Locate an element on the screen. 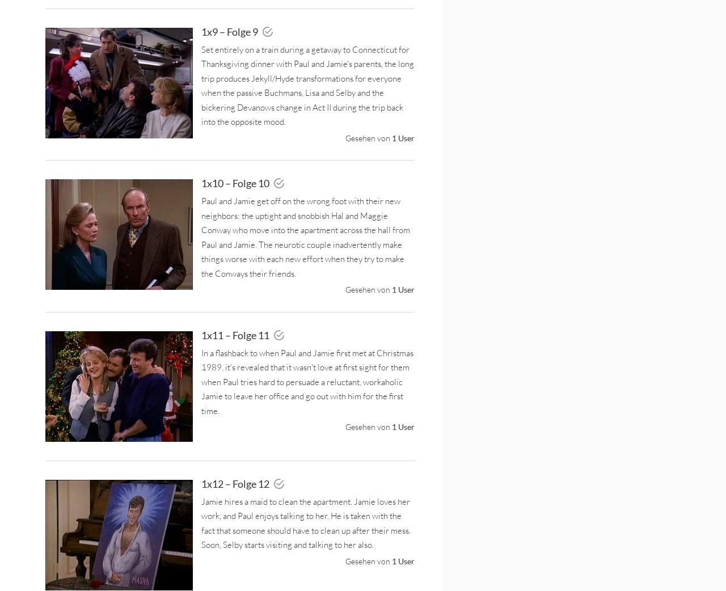 This screenshot has height=591, width=726. 'In a flashback to when Paul and Jamie first met at Christmas 1989, it's revealed that it wasn't love at first sight for them when Paul tries hard to persuade a reluctant, workaholic Jamie to leave her office and go out with him for the first time.' is located at coordinates (307, 381).